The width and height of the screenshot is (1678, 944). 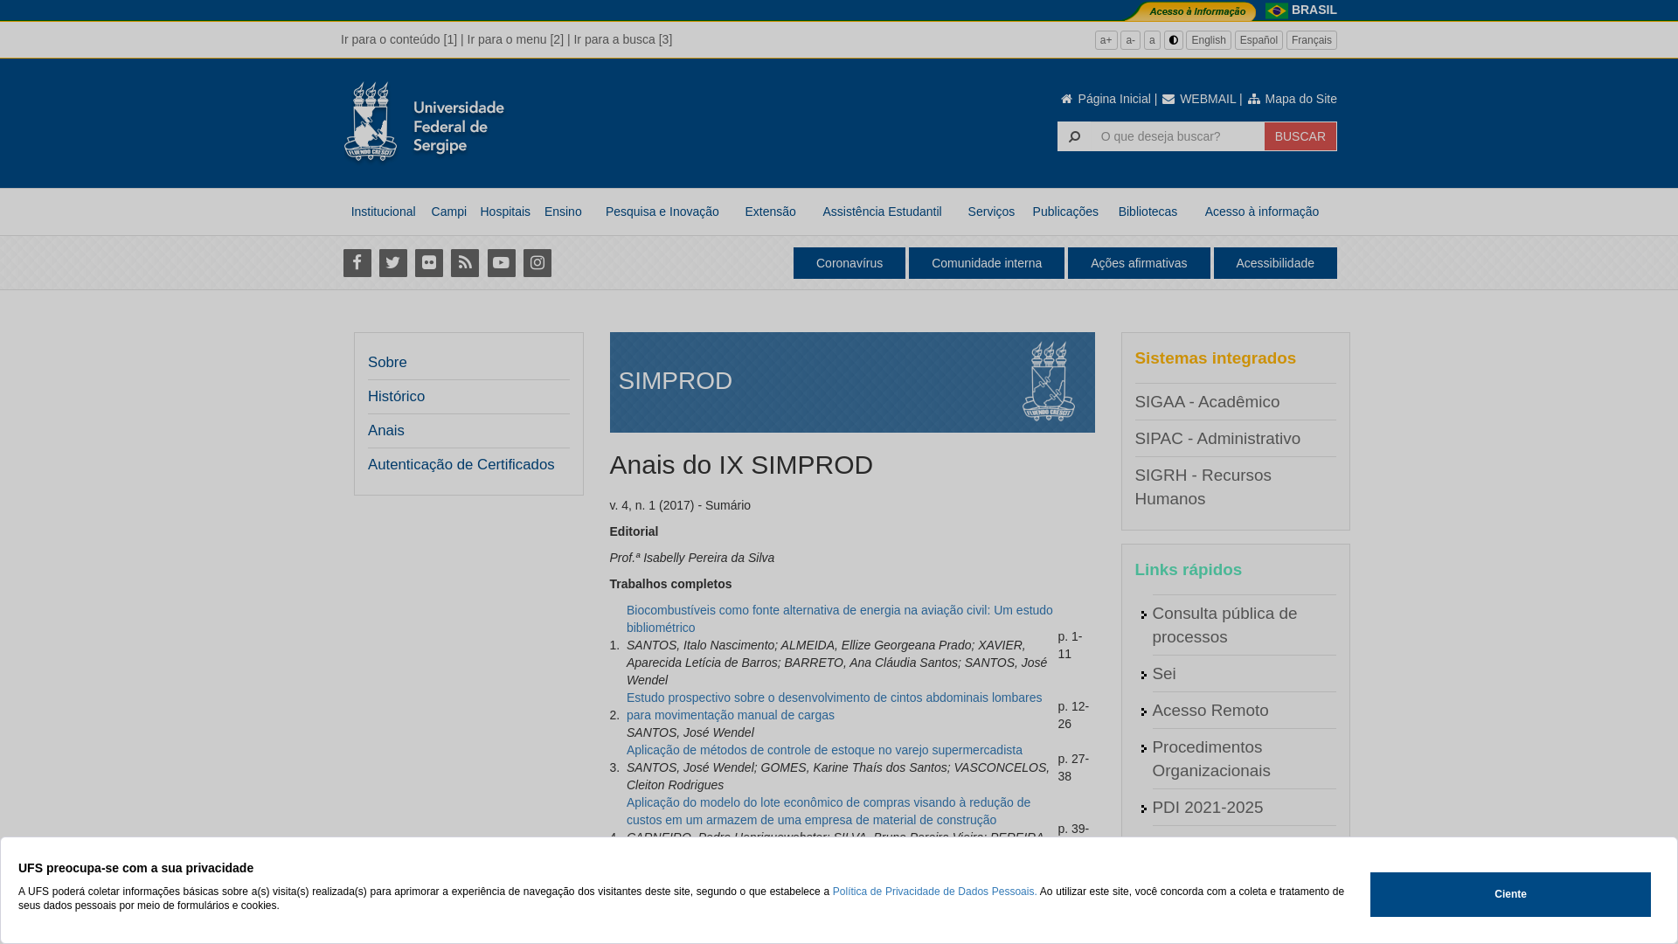 I want to click on 'Mapa do Site', so click(x=1292, y=98).